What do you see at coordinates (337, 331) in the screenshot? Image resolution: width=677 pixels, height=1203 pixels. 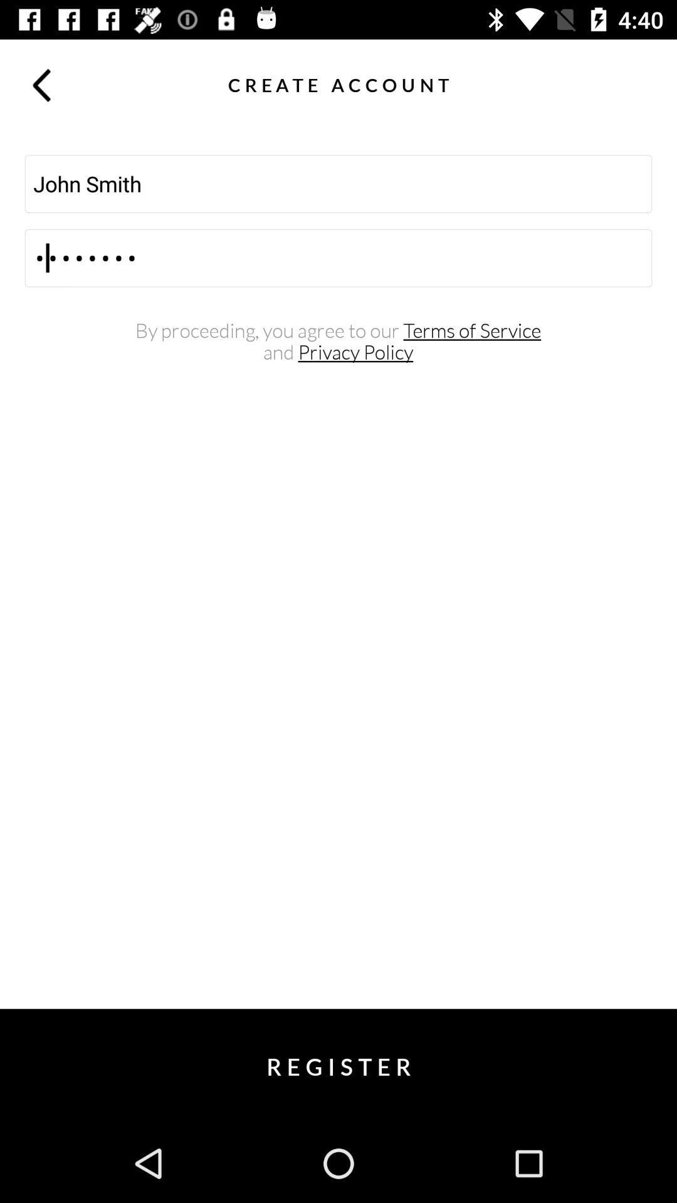 I see `the item below the crod3116 item` at bounding box center [337, 331].